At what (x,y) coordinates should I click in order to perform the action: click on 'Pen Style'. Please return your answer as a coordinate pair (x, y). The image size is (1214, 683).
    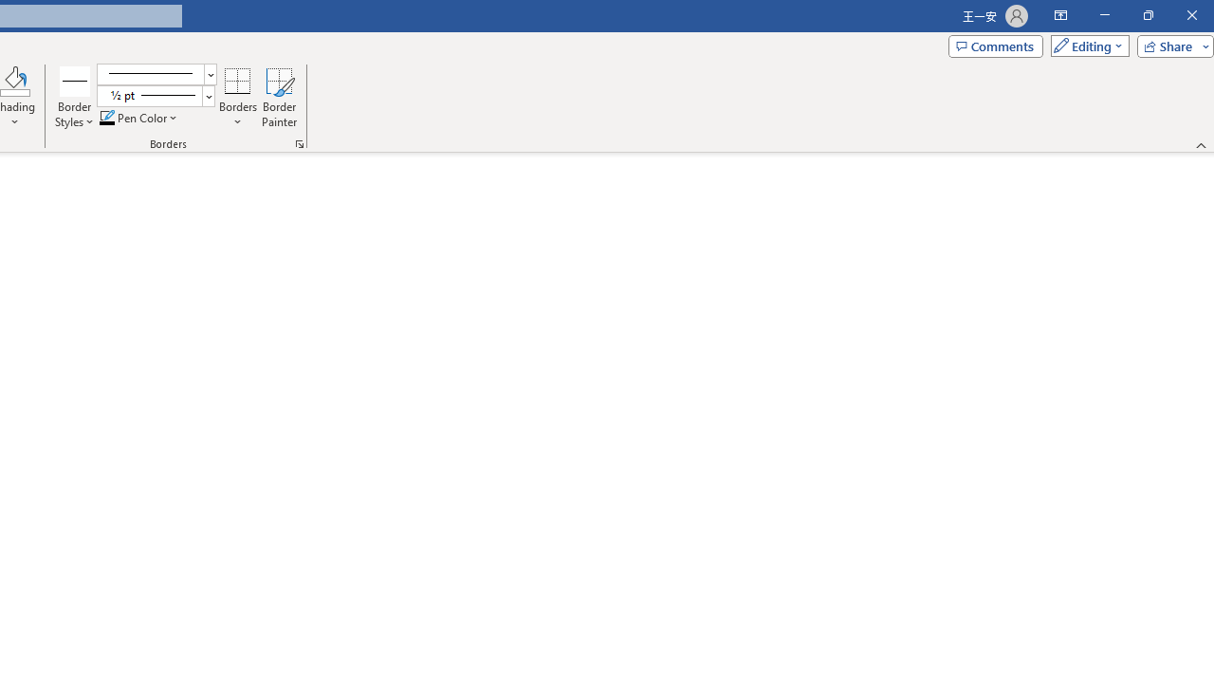
    Looking at the image, I should click on (156, 73).